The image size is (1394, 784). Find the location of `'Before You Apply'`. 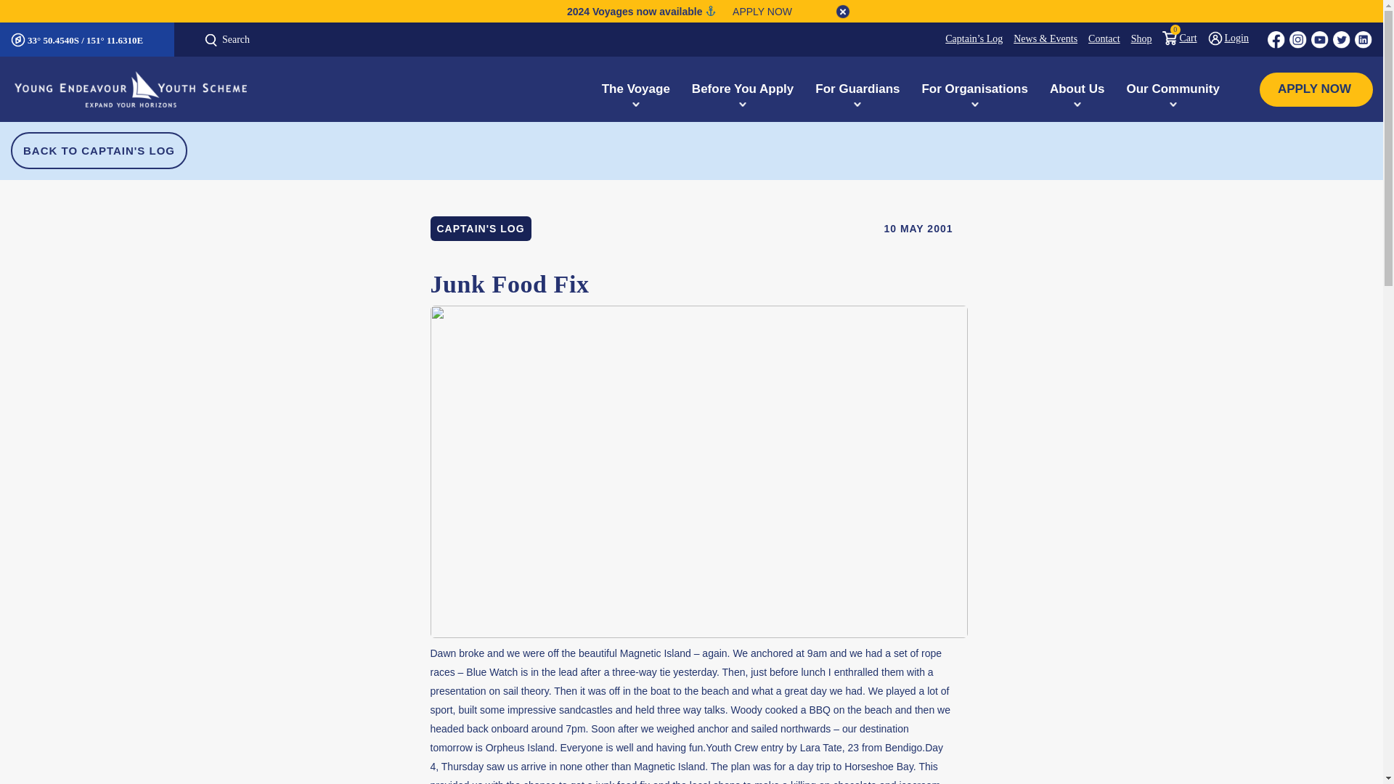

'Before You Apply' is located at coordinates (742, 89).